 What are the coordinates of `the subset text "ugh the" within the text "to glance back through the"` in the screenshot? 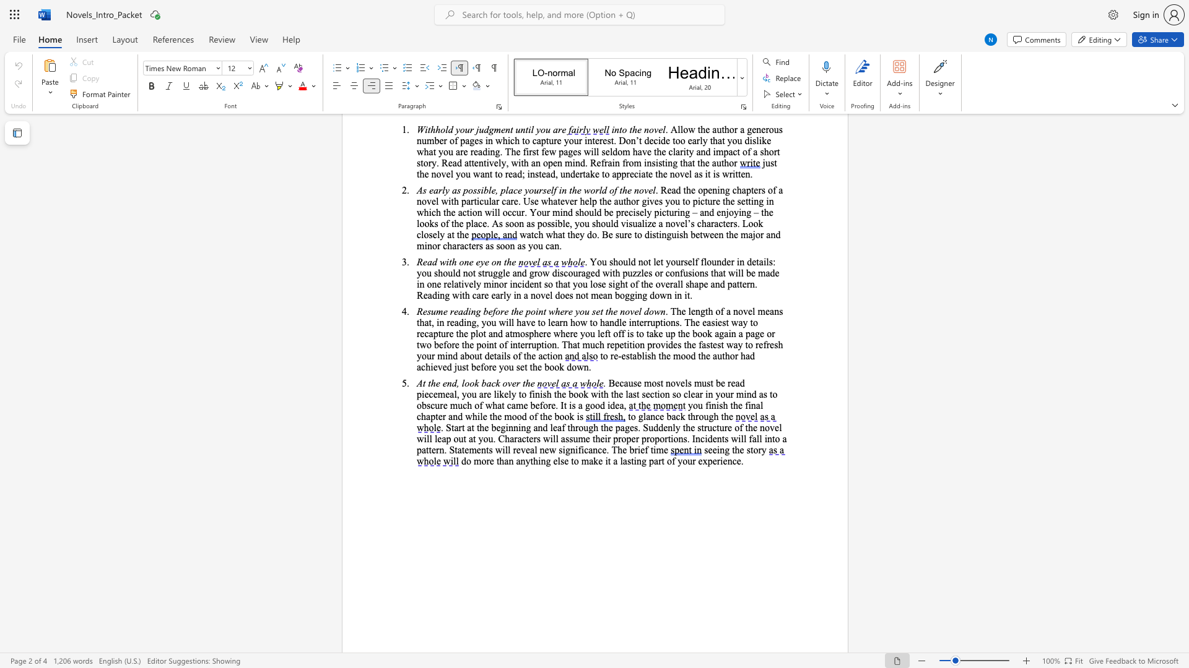 It's located at (703, 416).